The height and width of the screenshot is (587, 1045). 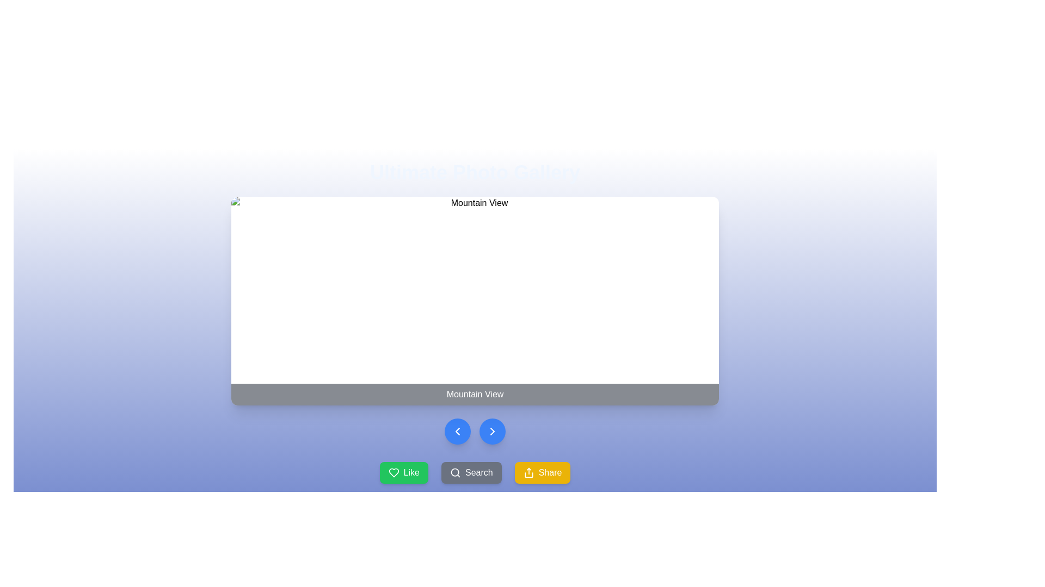 I want to click on the 'Share' button text label, which is the third button in a row of three buttons positioned at the lower right section of the interface, so click(x=550, y=472).